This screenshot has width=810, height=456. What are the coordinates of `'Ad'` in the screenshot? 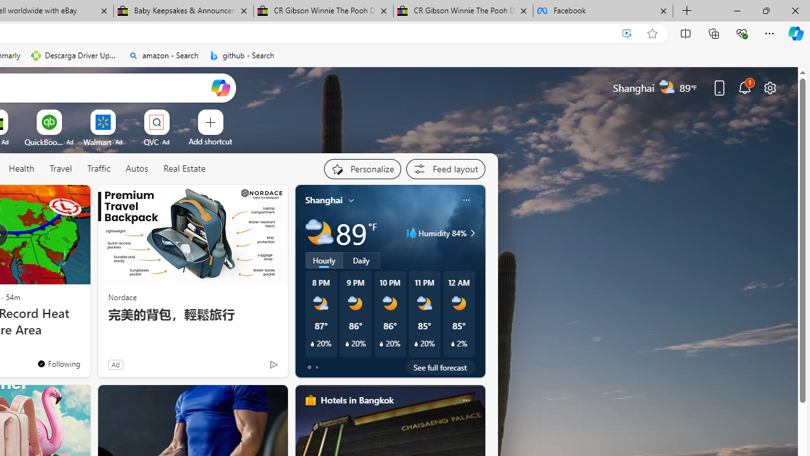 It's located at (115, 364).